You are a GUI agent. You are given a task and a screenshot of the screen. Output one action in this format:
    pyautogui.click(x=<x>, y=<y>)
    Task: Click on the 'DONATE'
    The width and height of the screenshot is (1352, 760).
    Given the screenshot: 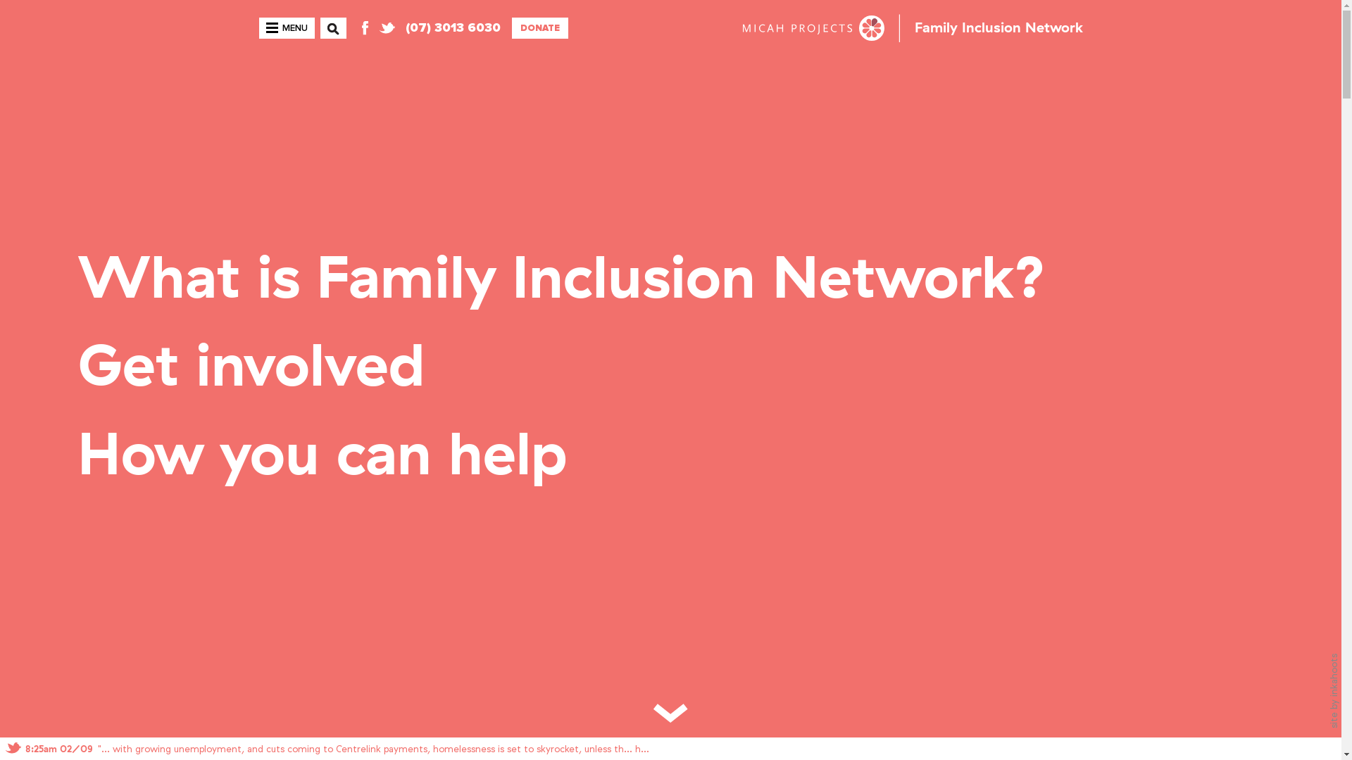 What is the action you would take?
    pyautogui.click(x=510, y=27)
    